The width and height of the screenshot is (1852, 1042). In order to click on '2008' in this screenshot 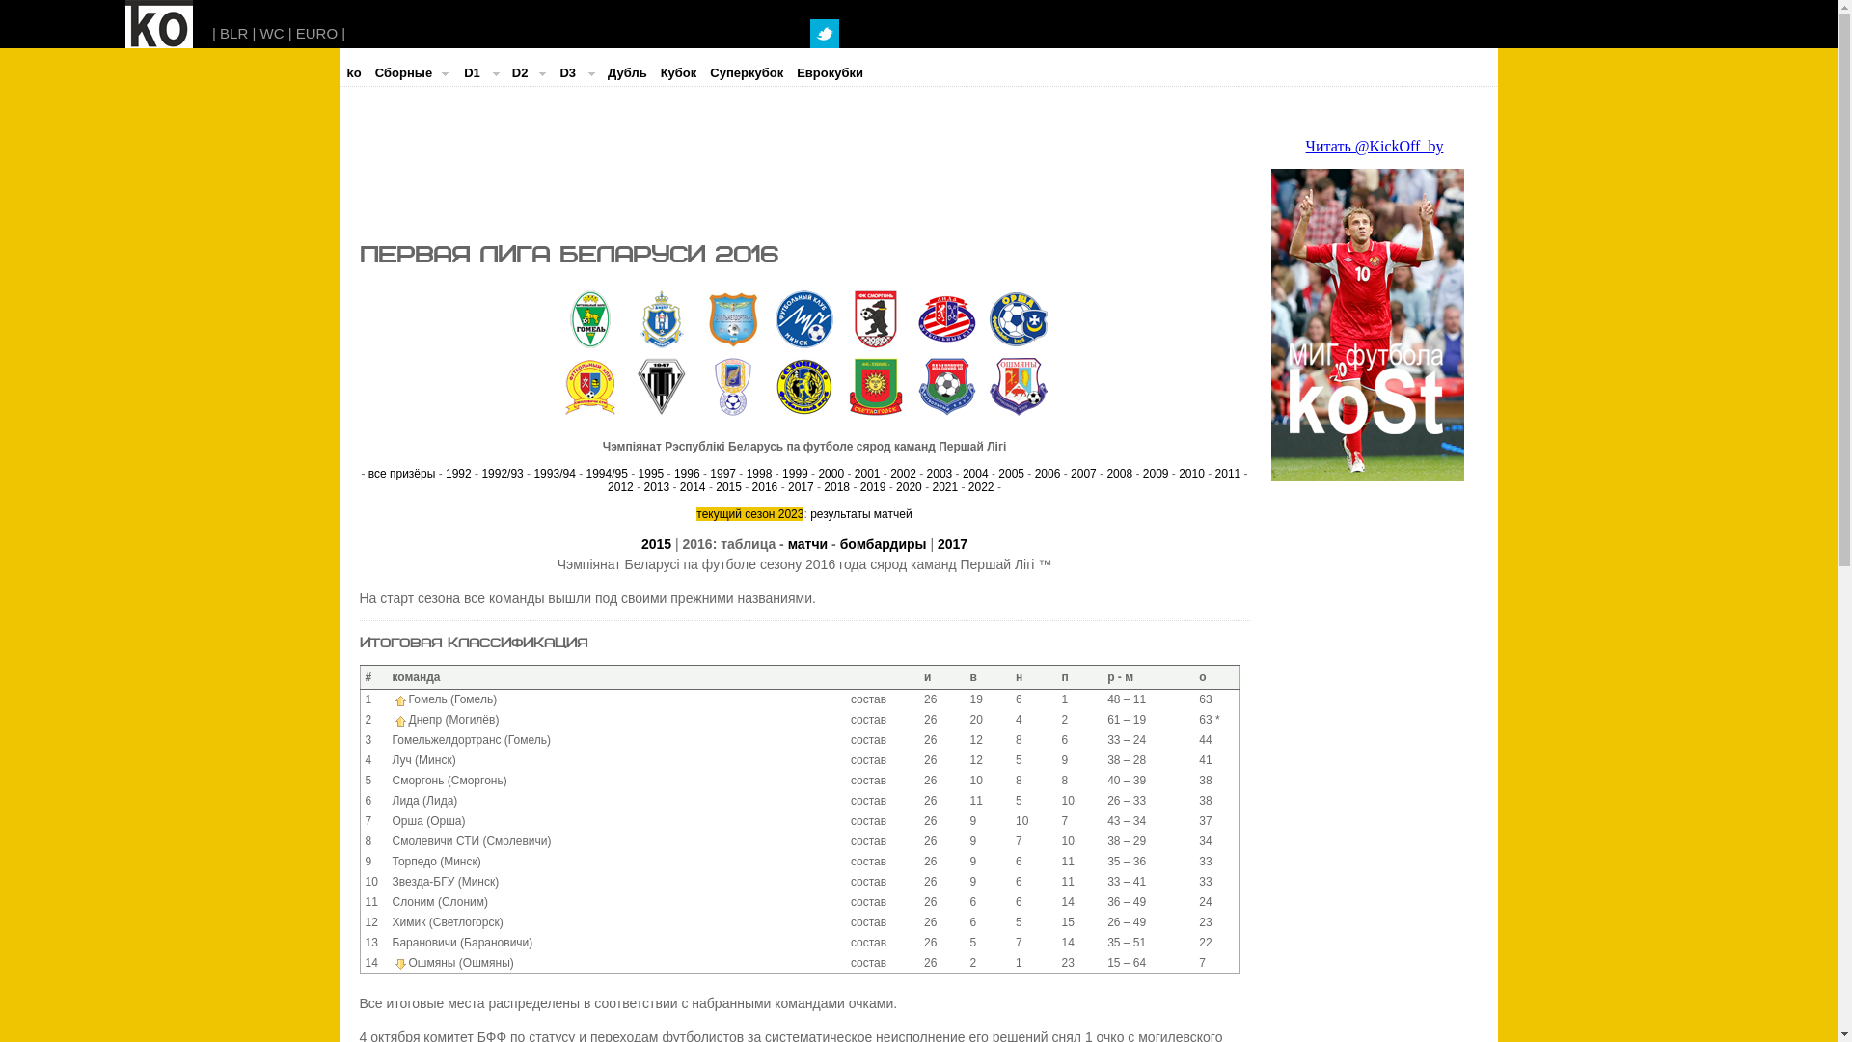, I will do `click(1119, 473)`.